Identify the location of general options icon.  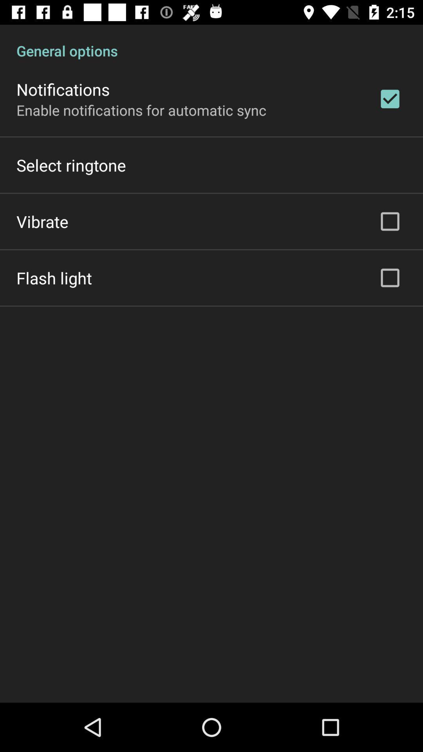
(211, 42).